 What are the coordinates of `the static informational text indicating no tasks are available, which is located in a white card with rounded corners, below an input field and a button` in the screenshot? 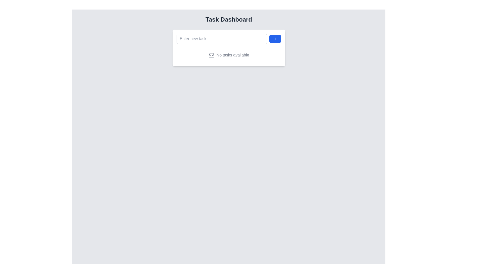 It's located at (228, 55).